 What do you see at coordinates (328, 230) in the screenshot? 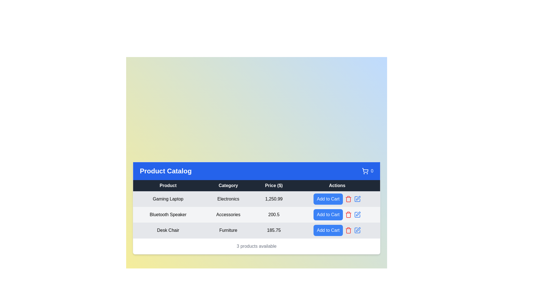
I see `the 'Add to Cart' button located in the 'Actions' column of the 'Furniture' row in the product table` at bounding box center [328, 230].